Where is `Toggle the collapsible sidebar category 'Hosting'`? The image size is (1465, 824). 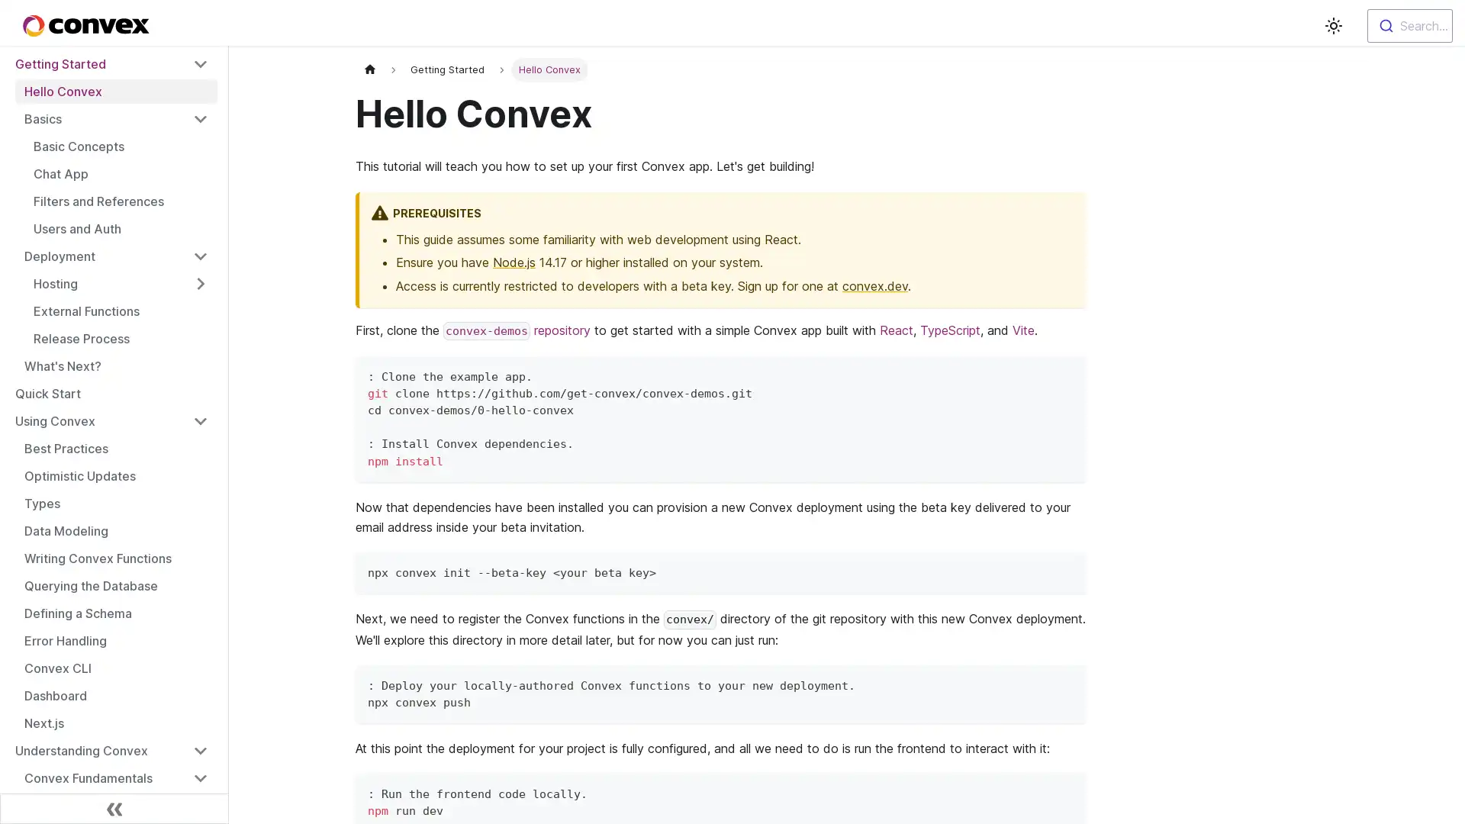 Toggle the collapsible sidebar category 'Hosting' is located at coordinates (200, 283).